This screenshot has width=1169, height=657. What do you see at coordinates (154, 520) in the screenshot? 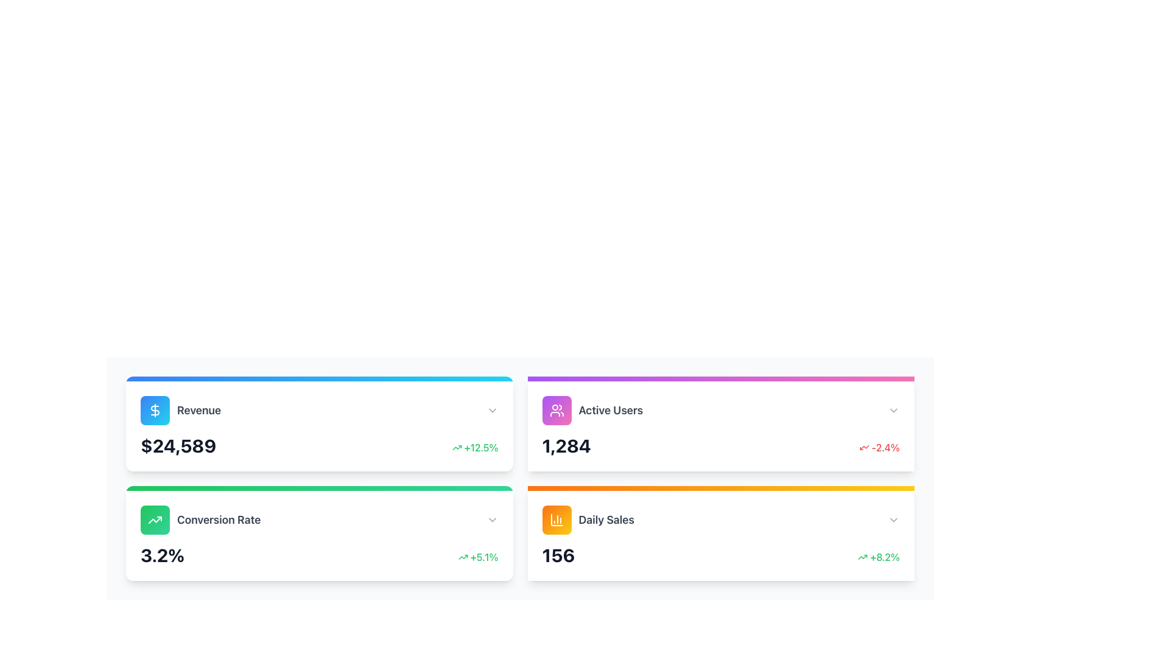
I see `the SVG upward trending arrow icon, which is styled with a white line drawing on a green-to-emerald gradient-filled rounded rectangular background, positioned to the left of the 'Conversion Rate' text and above the '3.2%' value` at bounding box center [154, 520].